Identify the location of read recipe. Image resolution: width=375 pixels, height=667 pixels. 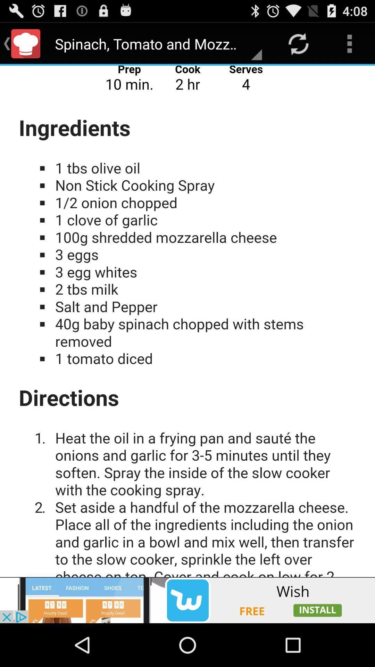
(187, 321).